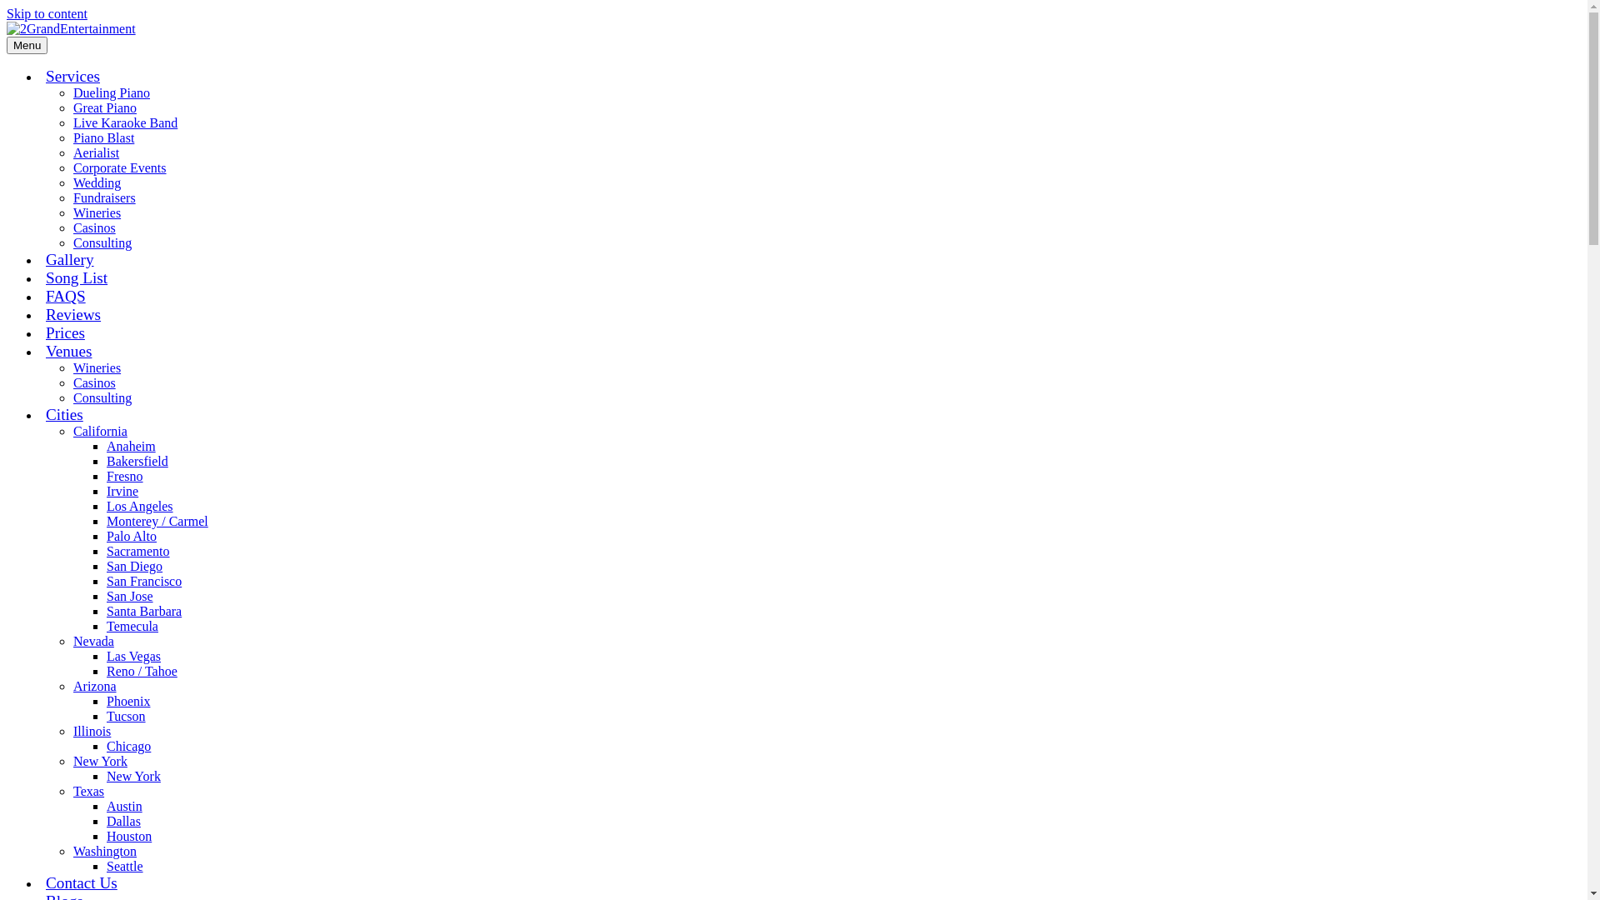 Image resolution: width=1600 pixels, height=900 pixels. What do you see at coordinates (87, 790) in the screenshot?
I see `'Texas'` at bounding box center [87, 790].